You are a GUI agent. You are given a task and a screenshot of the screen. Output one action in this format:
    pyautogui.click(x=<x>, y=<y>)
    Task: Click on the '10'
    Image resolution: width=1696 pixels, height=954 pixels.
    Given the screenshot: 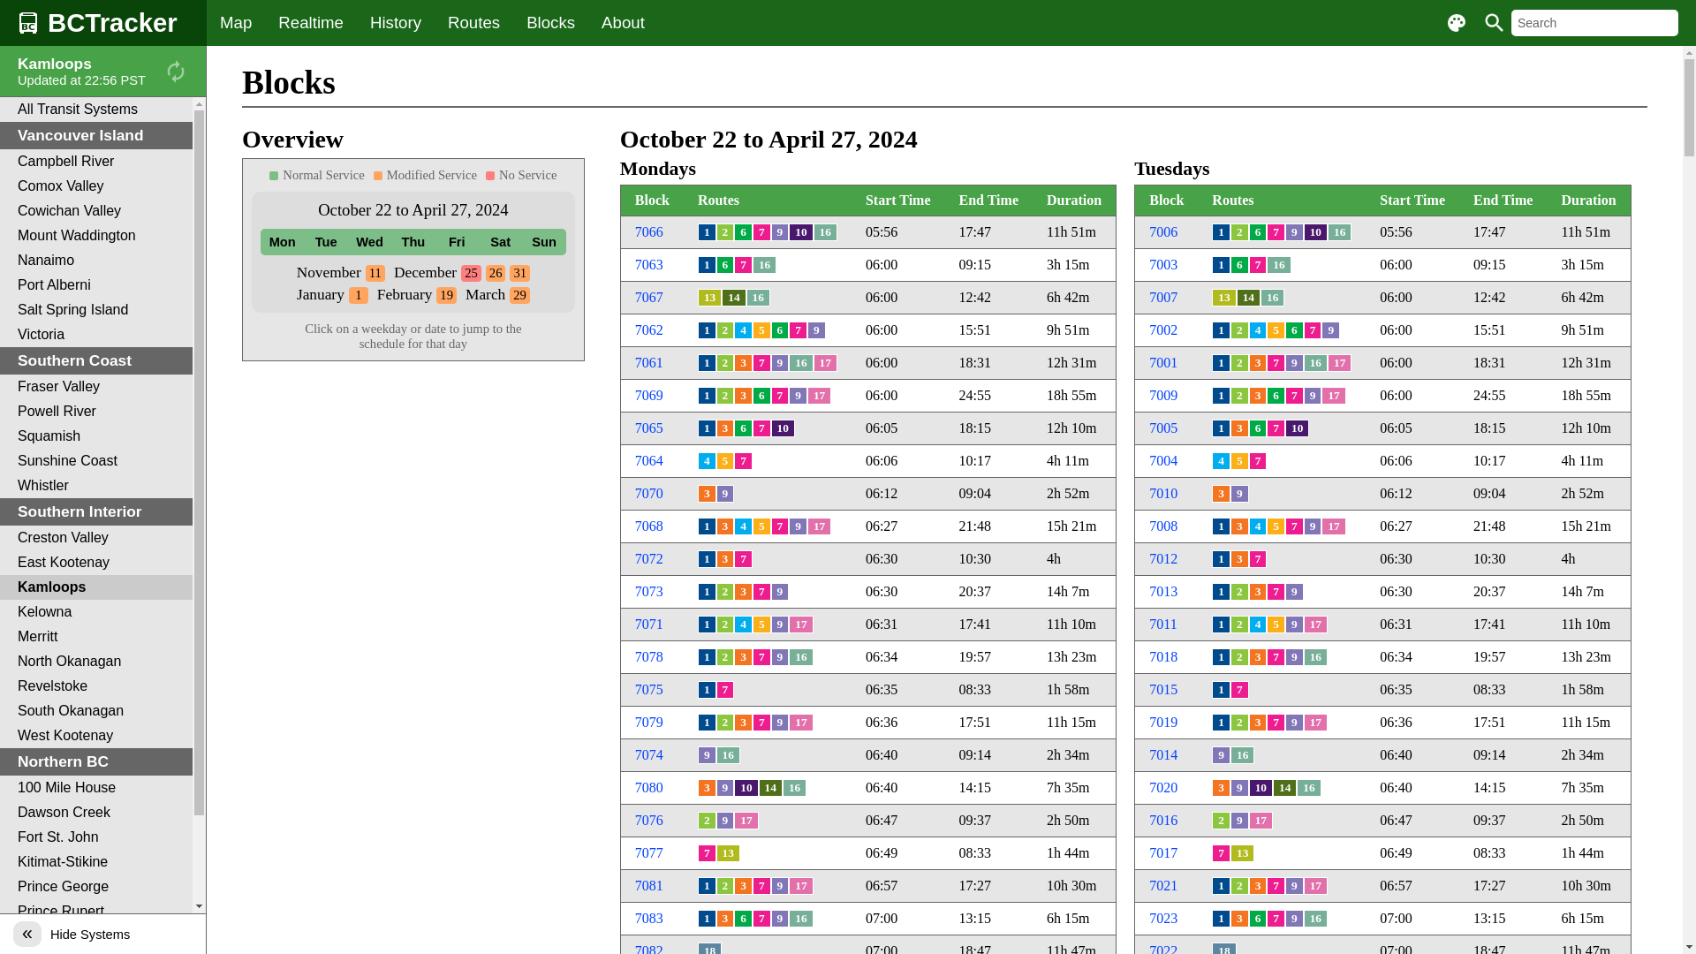 What is the action you would take?
    pyautogui.click(x=746, y=786)
    